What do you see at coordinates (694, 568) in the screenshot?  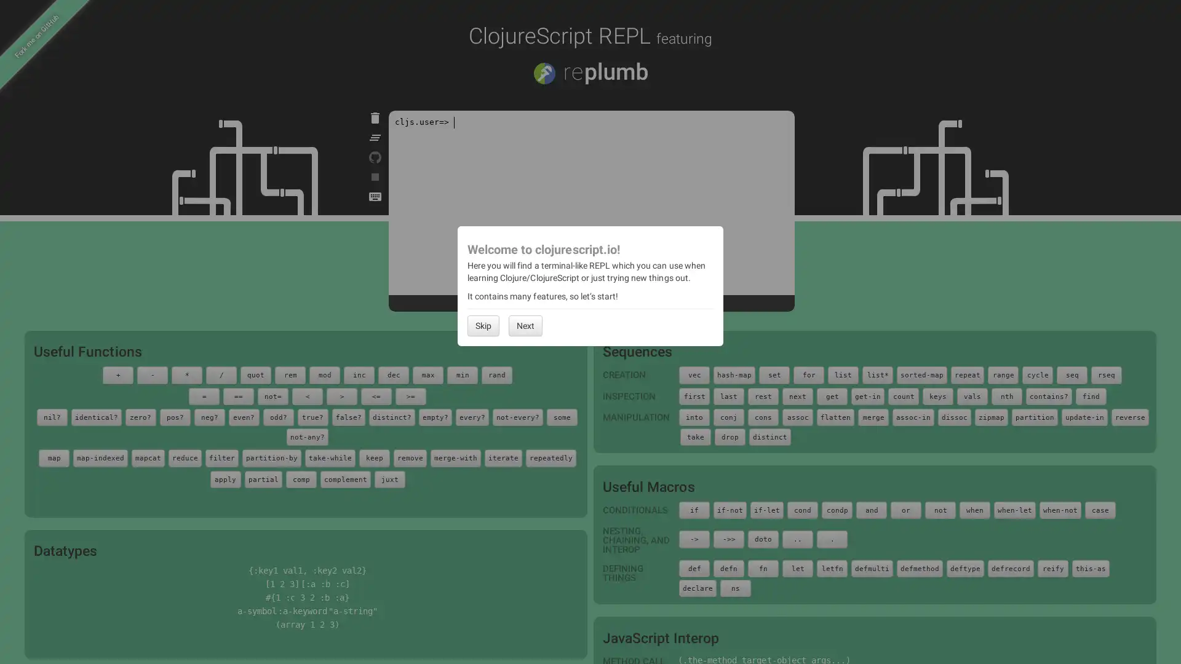 I see `def` at bounding box center [694, 568].